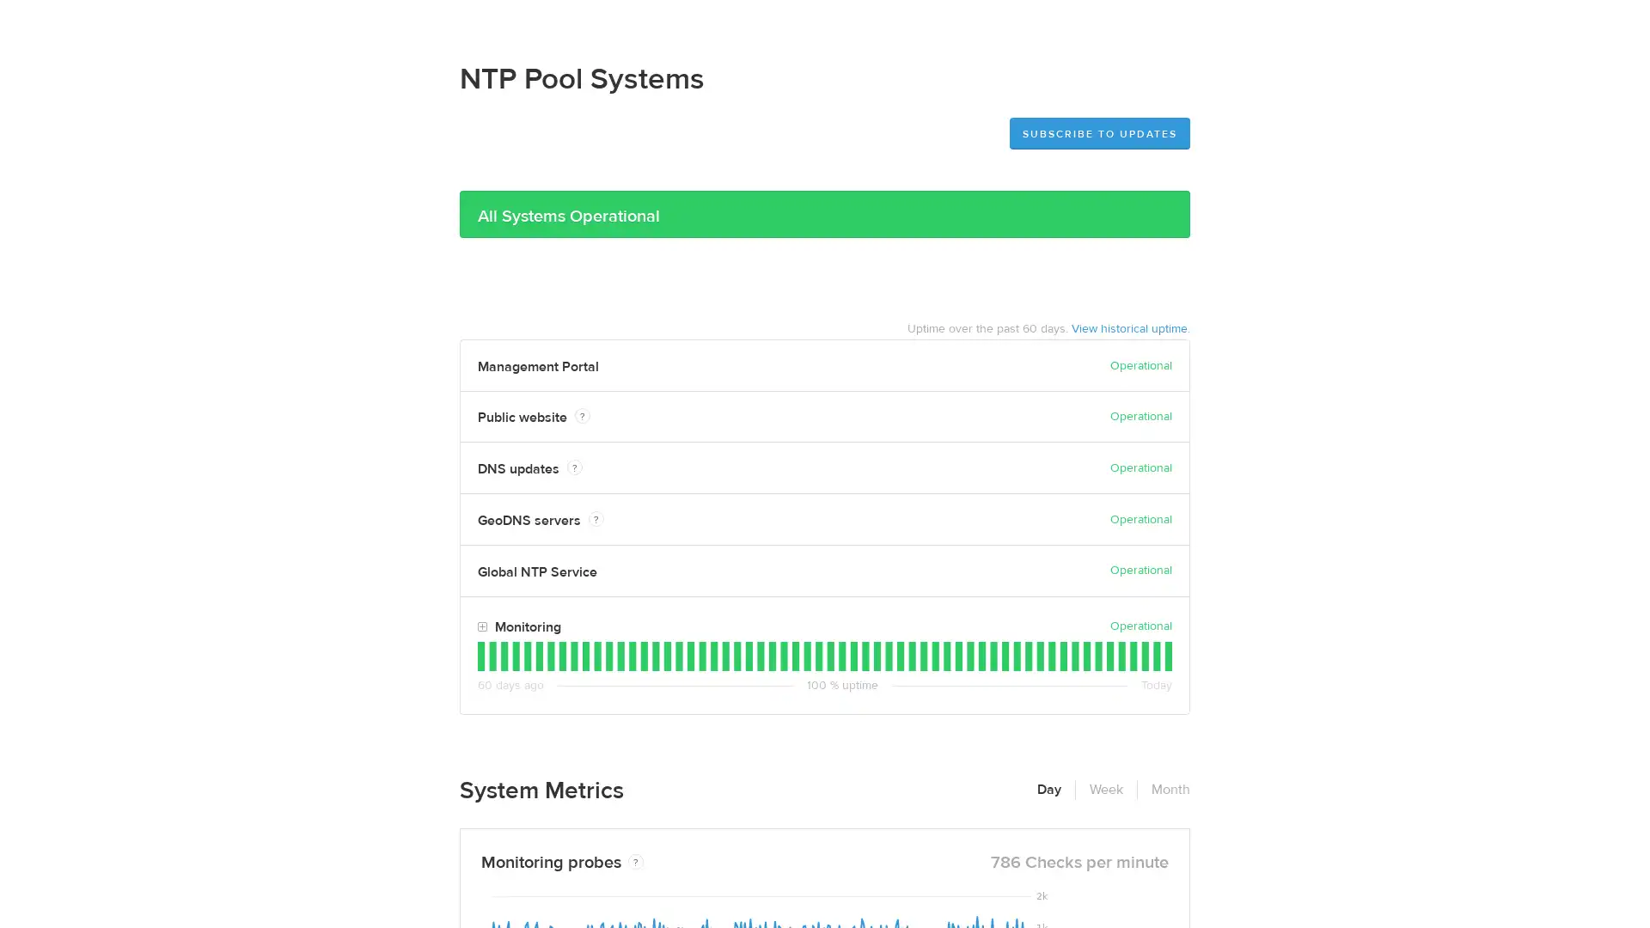 The height and width of the screenshot is (928, 1650). I want to click on Toggle Monitoring, so click(481, 627).